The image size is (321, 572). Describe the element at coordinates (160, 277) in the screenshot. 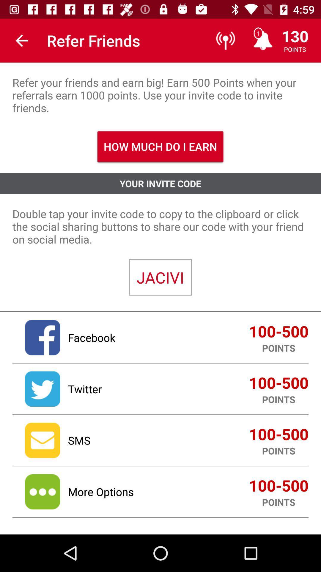

I see `the icon below the double tap your` at that location.